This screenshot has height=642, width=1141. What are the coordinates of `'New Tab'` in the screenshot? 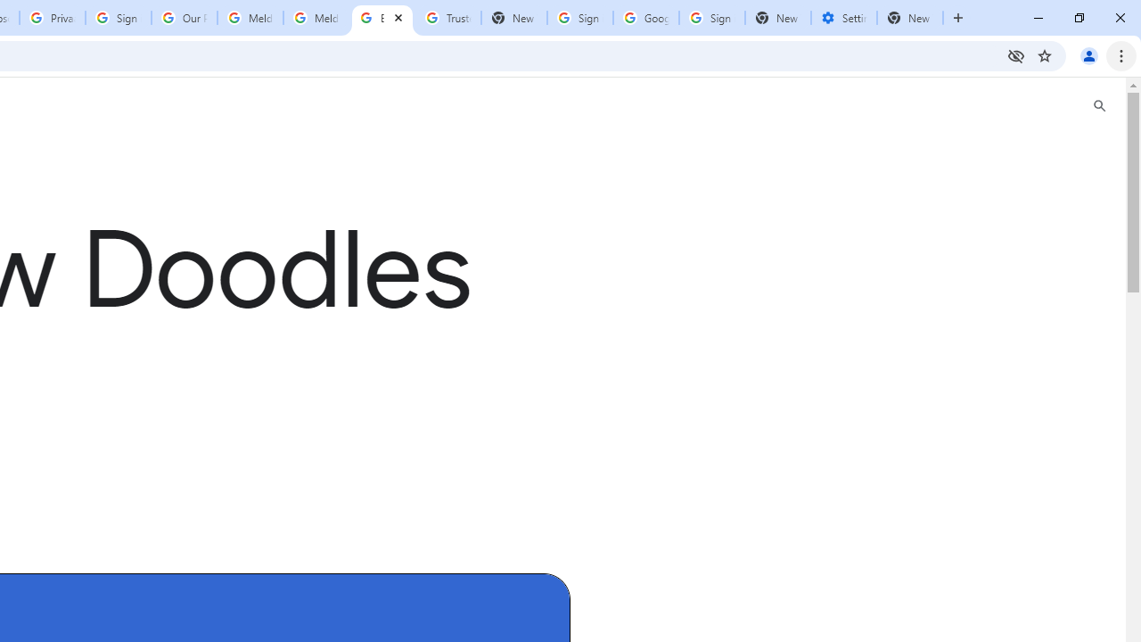 It's located at (910, 18).